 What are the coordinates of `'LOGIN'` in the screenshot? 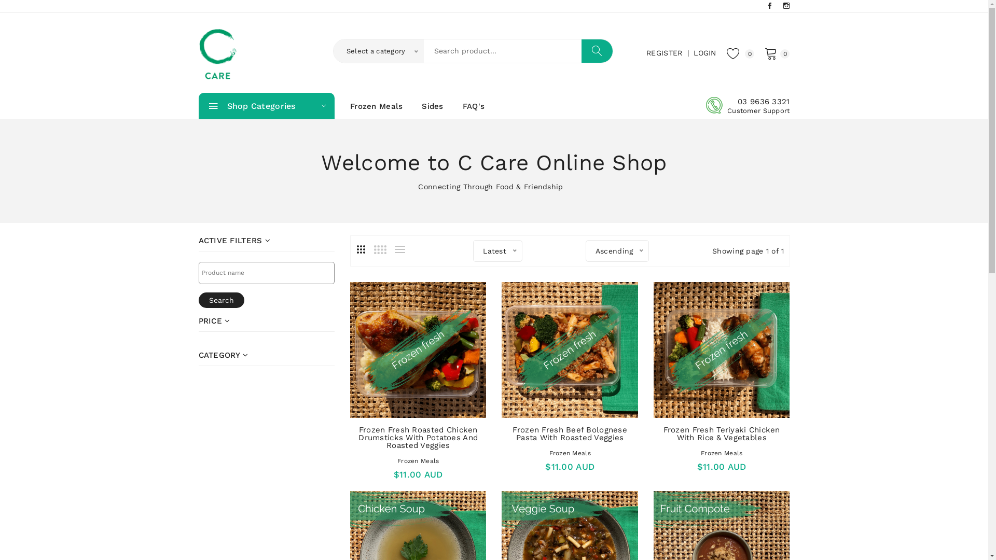 It's located at (694, 52).